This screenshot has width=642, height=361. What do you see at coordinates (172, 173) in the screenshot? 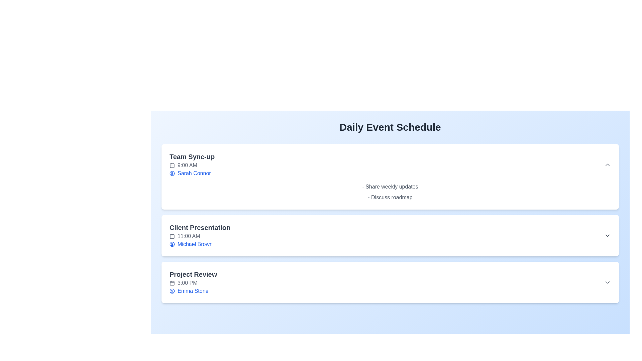
I see `the outermost circular outline of the SVG graphic in the 'Team Sync-up' event card` at bounding box center [172, 173].